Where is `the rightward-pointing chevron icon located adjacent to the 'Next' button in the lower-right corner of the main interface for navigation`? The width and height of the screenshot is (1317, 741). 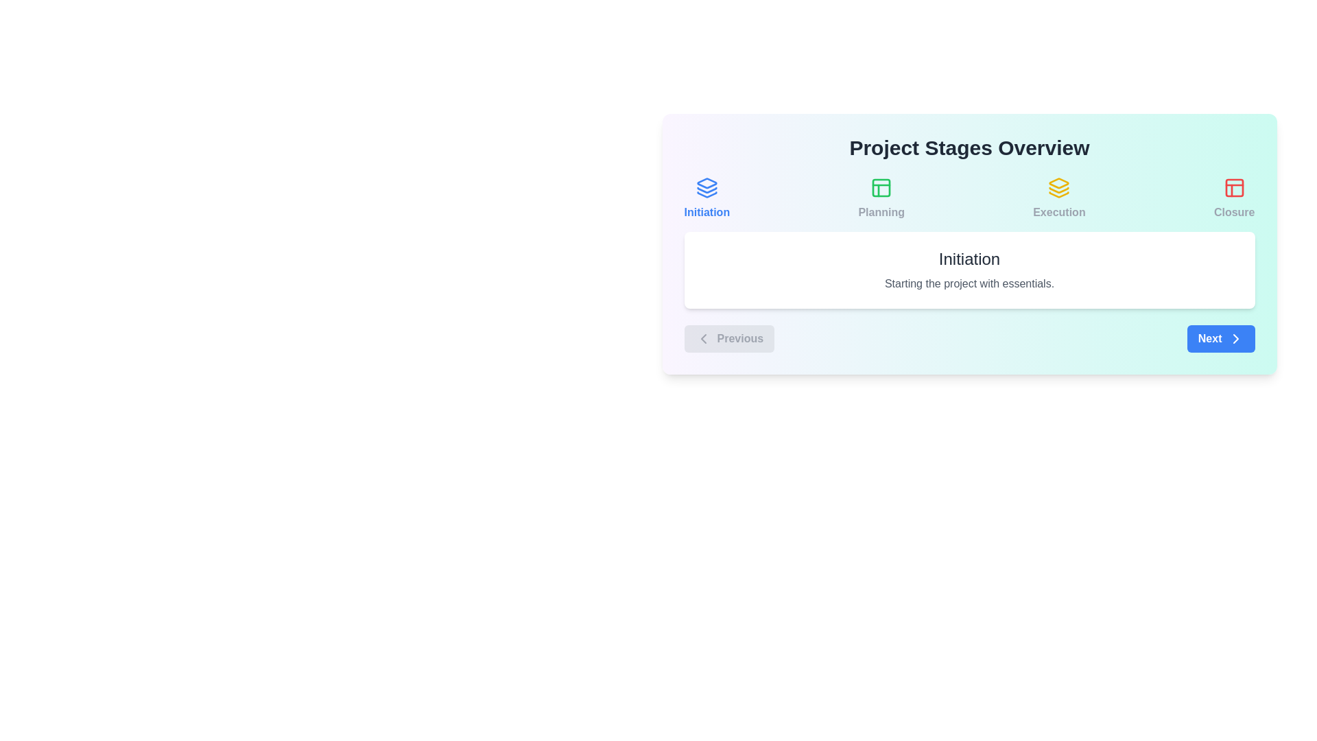
the rightward-pointing chevron icon located adjacent to the 'Next' button in the lower-right corner of the main interface for navigation is located at coordinates (1235, 338).